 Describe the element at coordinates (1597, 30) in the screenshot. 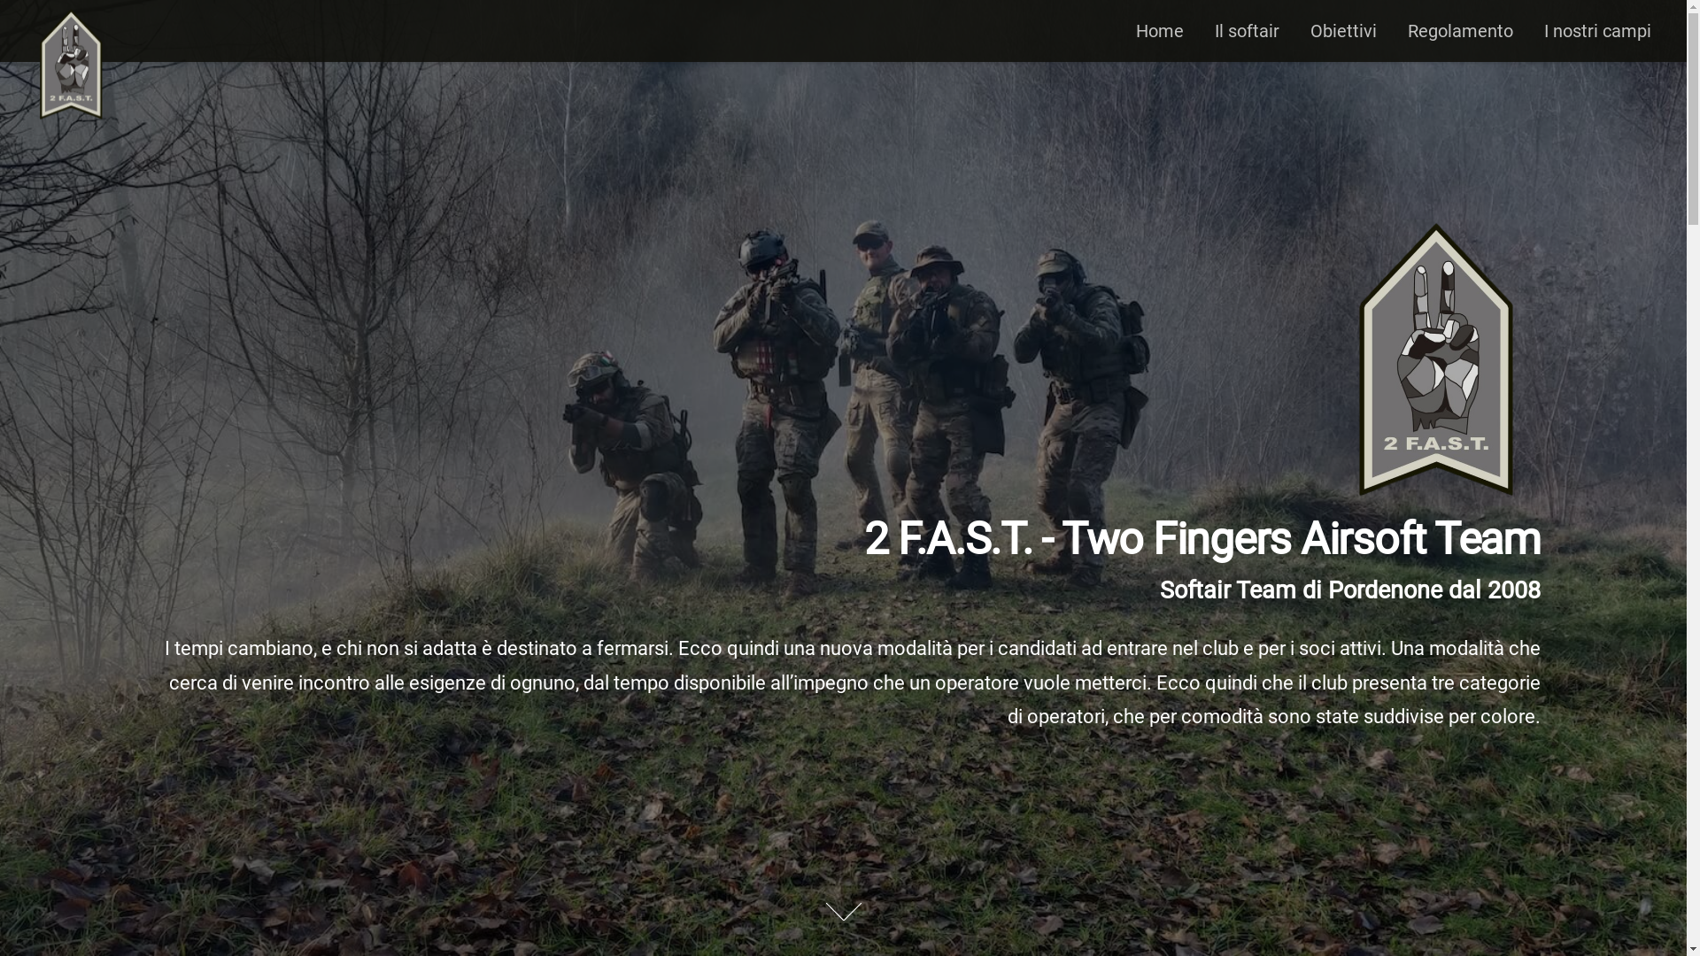

I see `'I nostri campi'` at that location.